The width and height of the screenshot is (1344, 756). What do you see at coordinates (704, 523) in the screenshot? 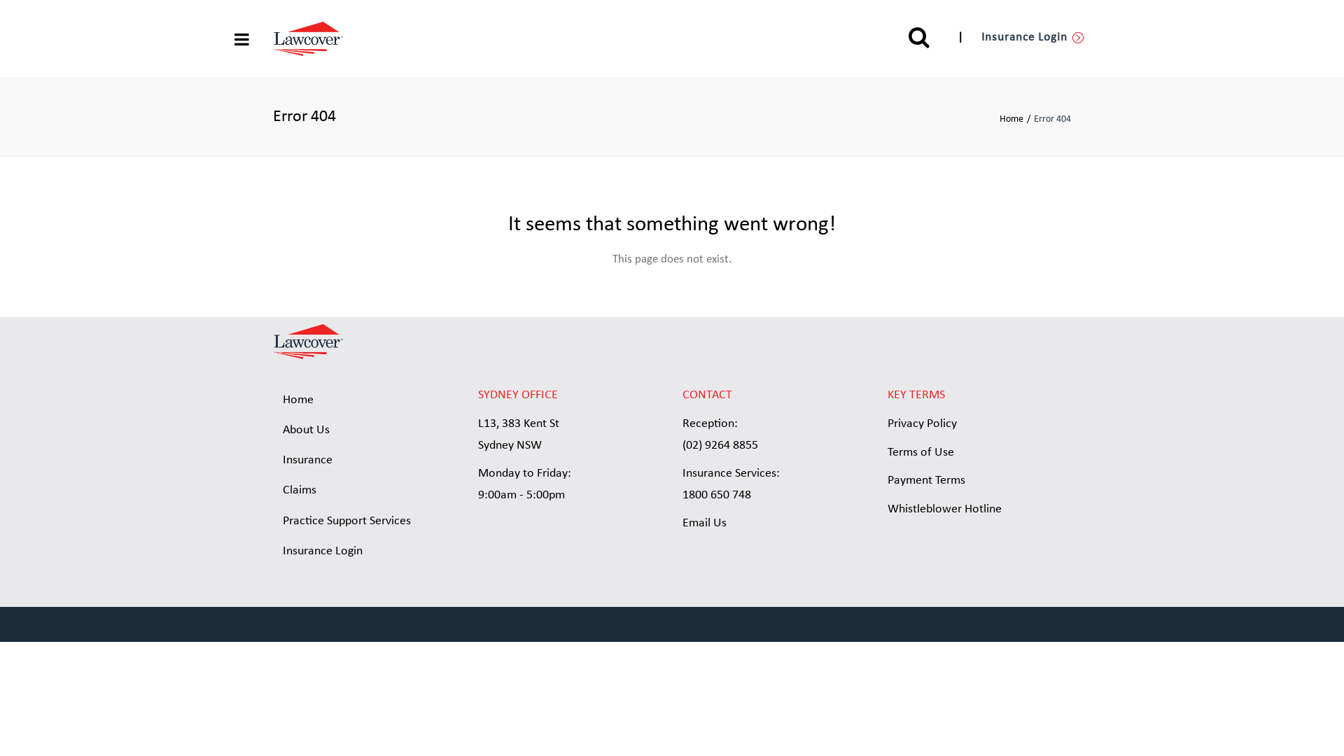
I see `'Email Us'` at bounding box center [704, 523].